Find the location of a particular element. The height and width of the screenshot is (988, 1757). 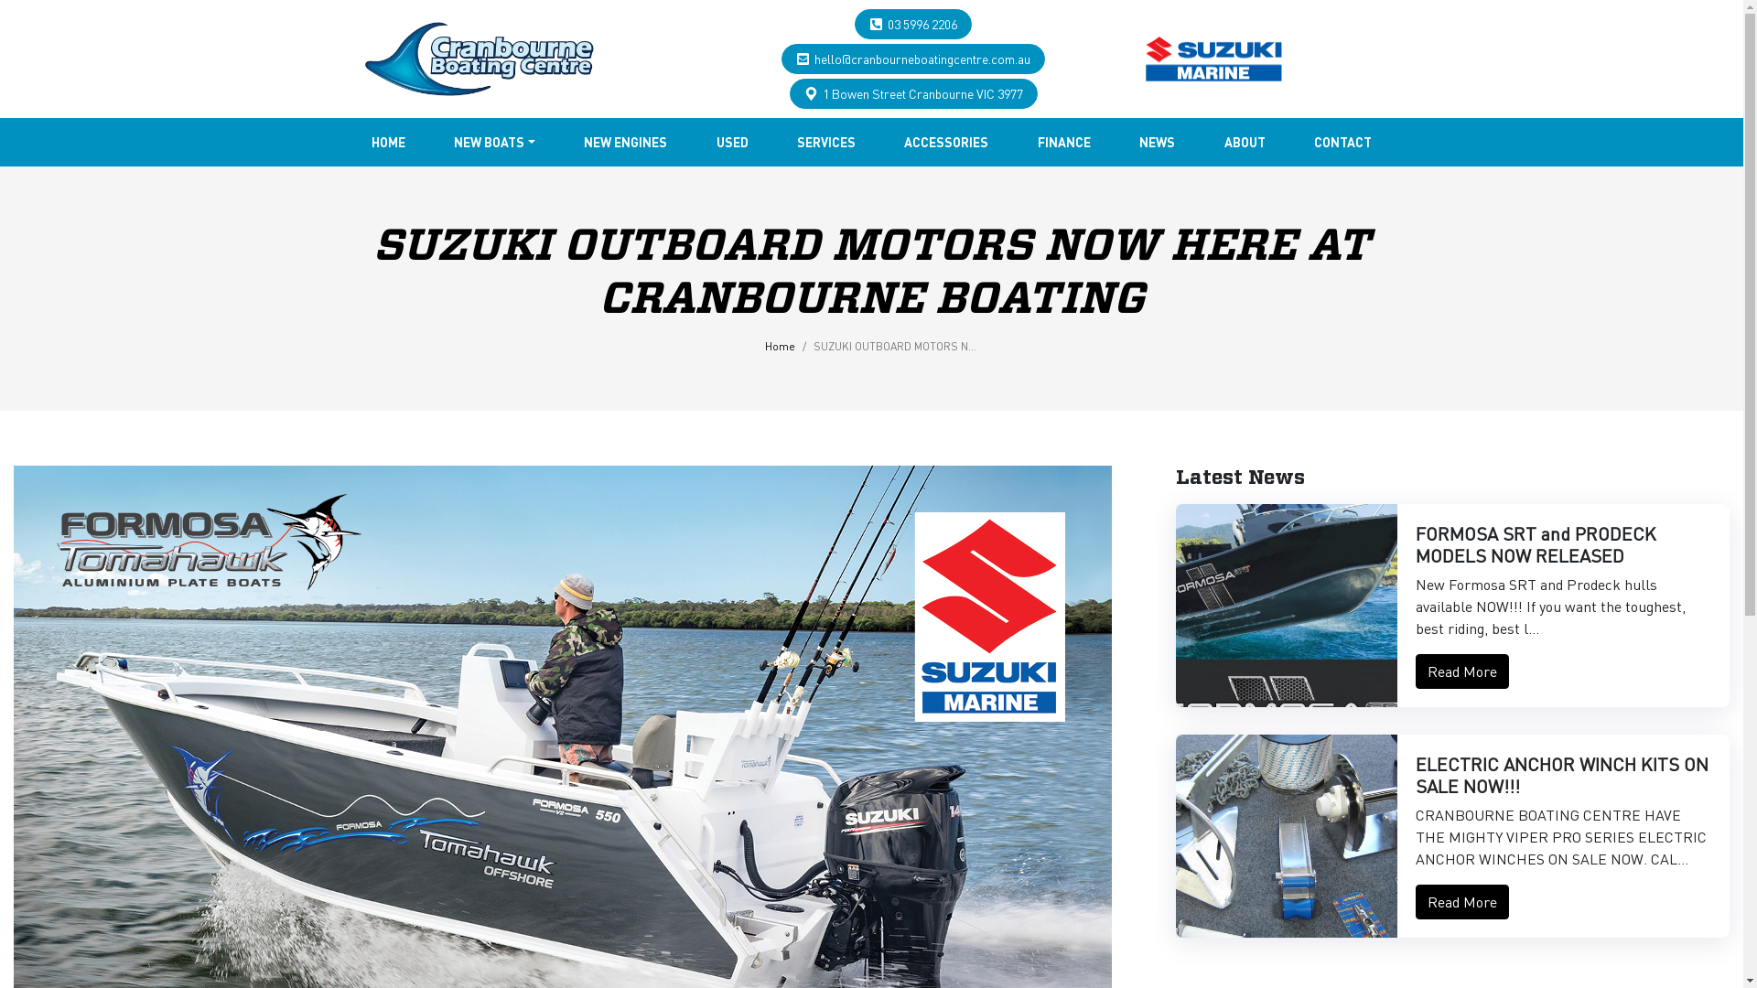

'Read More' is located at coordinates (1461, 901).